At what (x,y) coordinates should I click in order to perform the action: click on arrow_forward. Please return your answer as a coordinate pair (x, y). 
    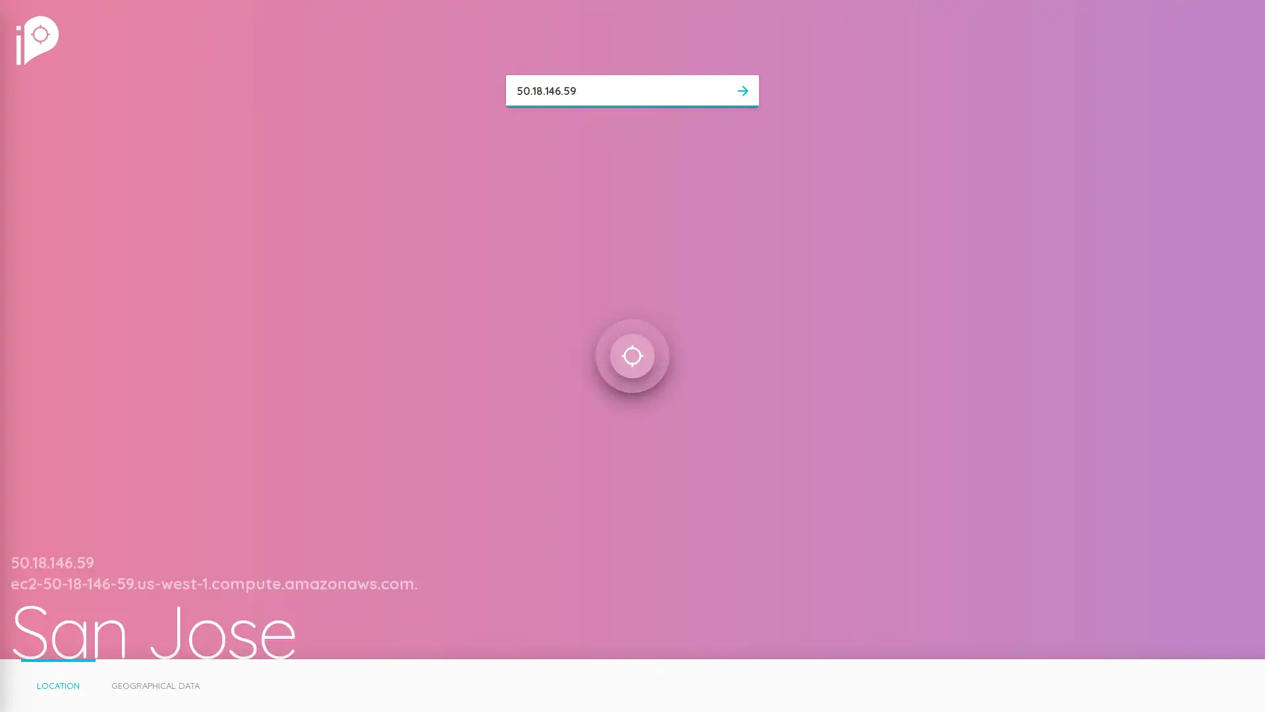
    Looking at the image, I should click on (743, 90).